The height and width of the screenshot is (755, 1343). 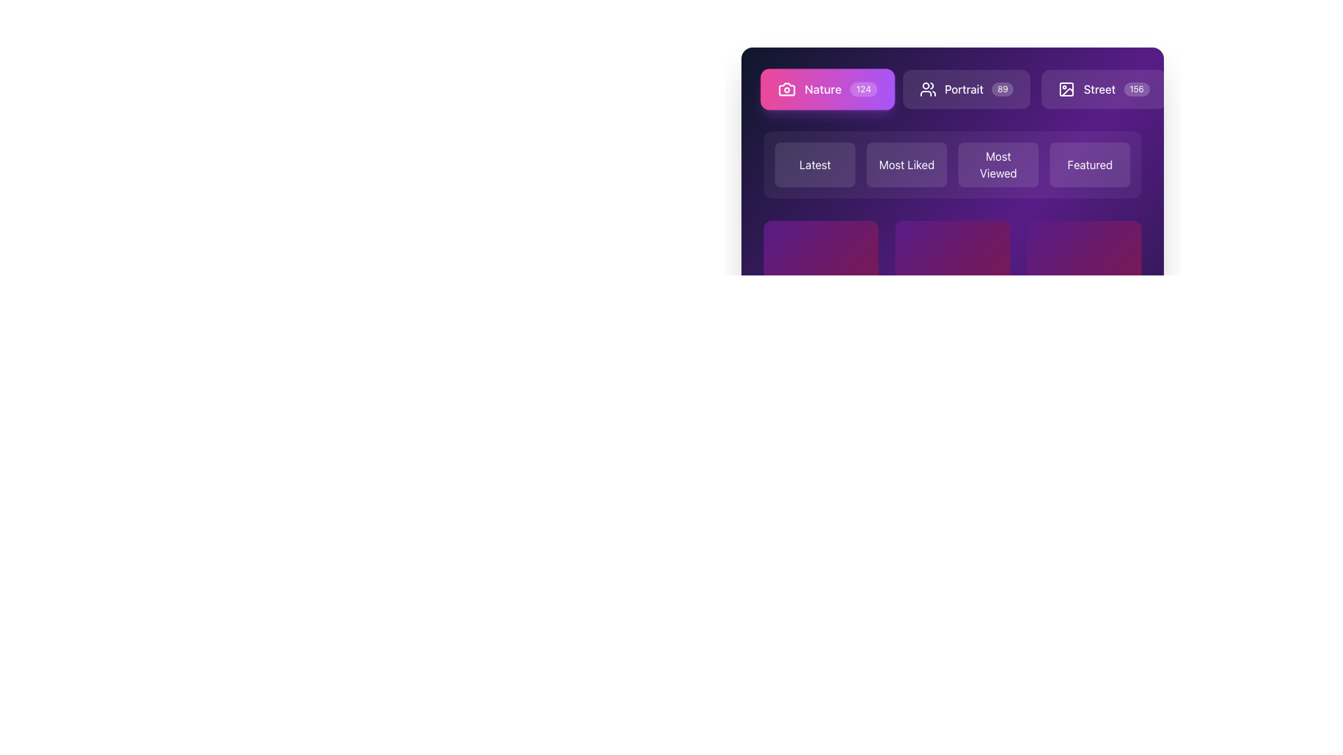 I want to click on the 'Street' category button, the third button in a row, for keyboard navigation, so click(x=1103, y=89).